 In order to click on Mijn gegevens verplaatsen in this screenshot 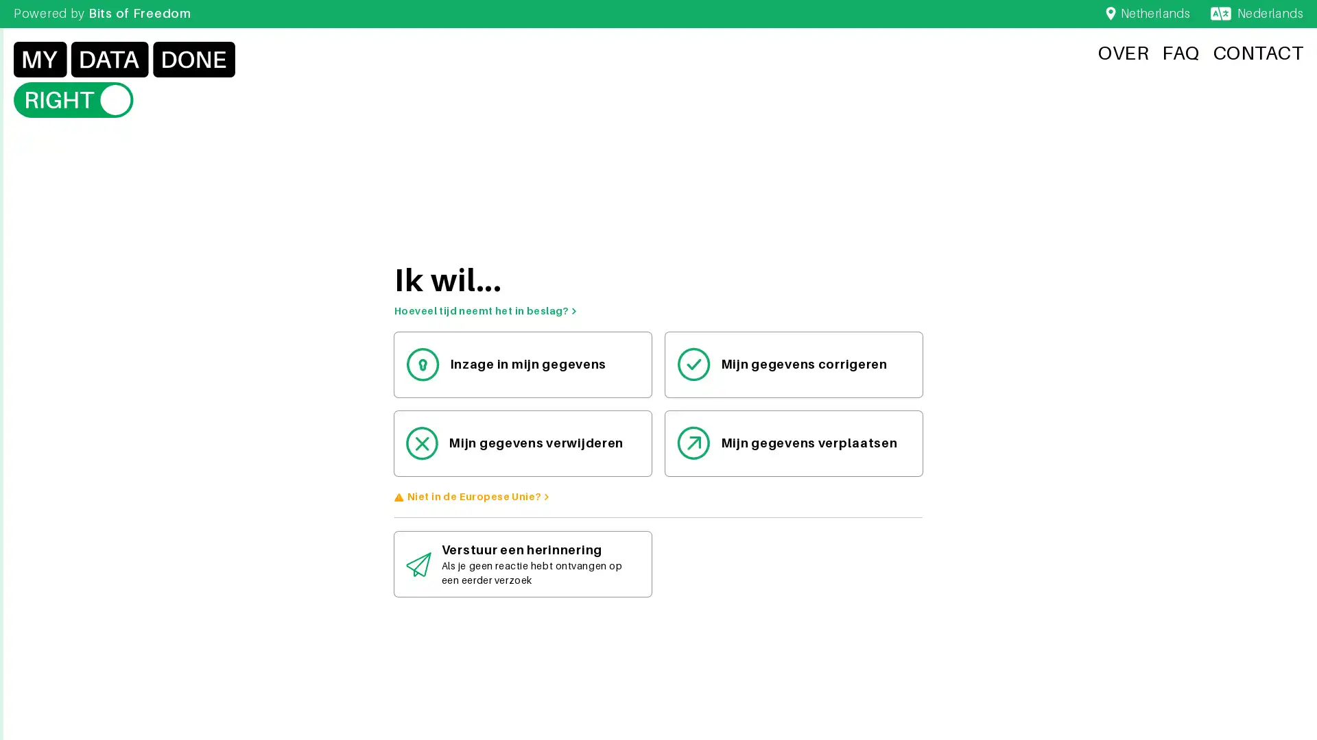, I will do `click(794, 443)`.